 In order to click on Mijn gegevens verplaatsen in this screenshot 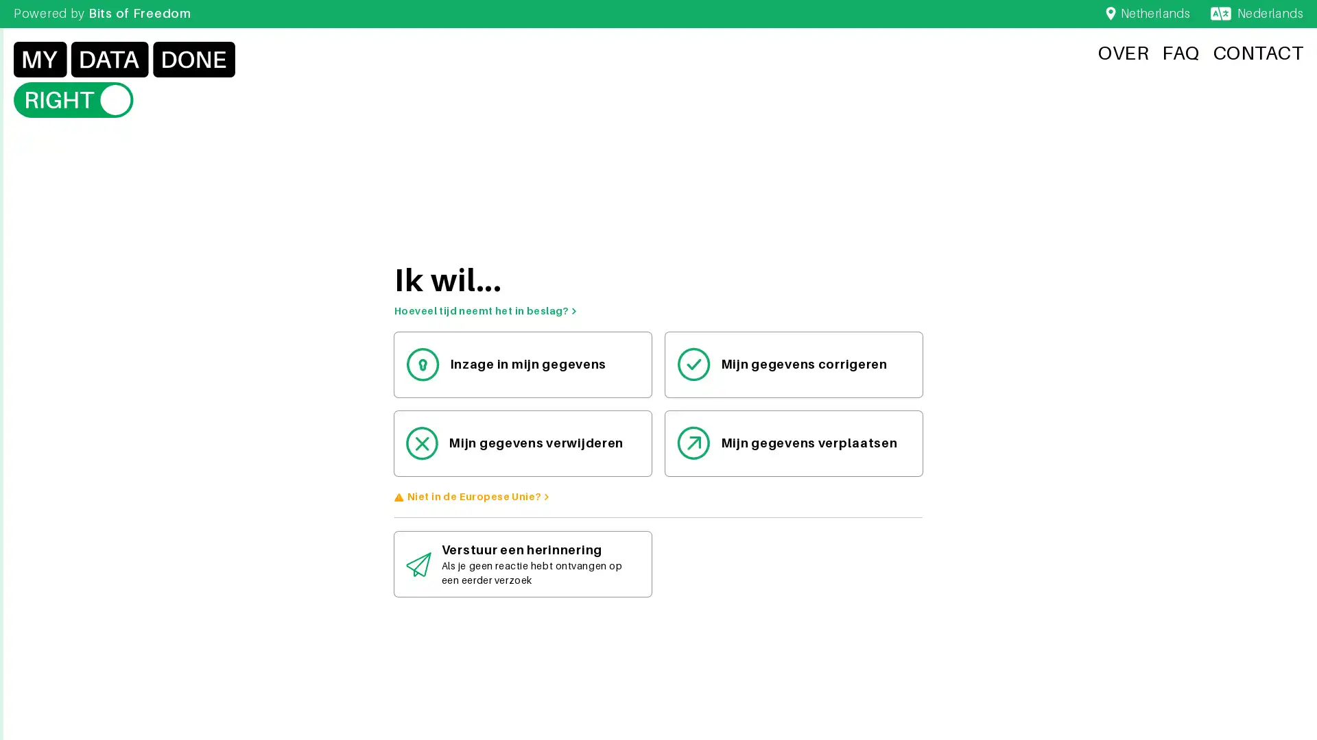, I will do `click(794, 443)`.